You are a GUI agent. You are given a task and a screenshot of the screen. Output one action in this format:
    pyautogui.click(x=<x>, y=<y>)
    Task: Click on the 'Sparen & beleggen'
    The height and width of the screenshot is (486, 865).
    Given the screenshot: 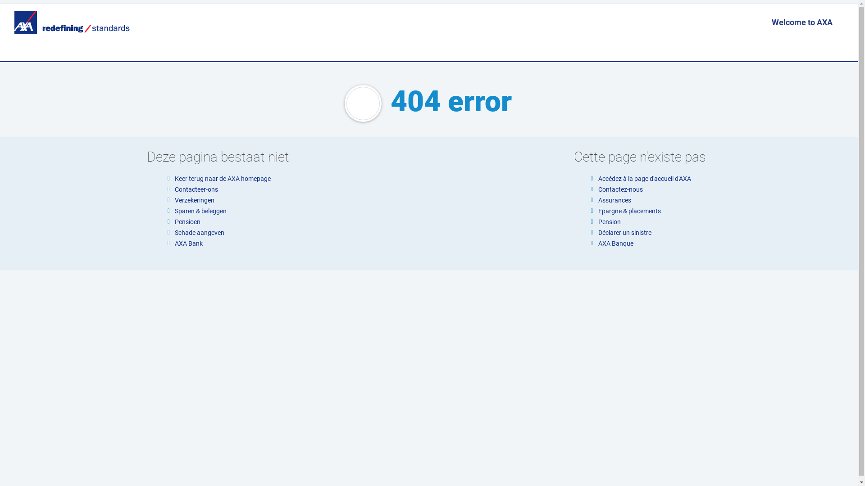 What is the action you would take?
    pyautogui.click(x=200, y=211)
    